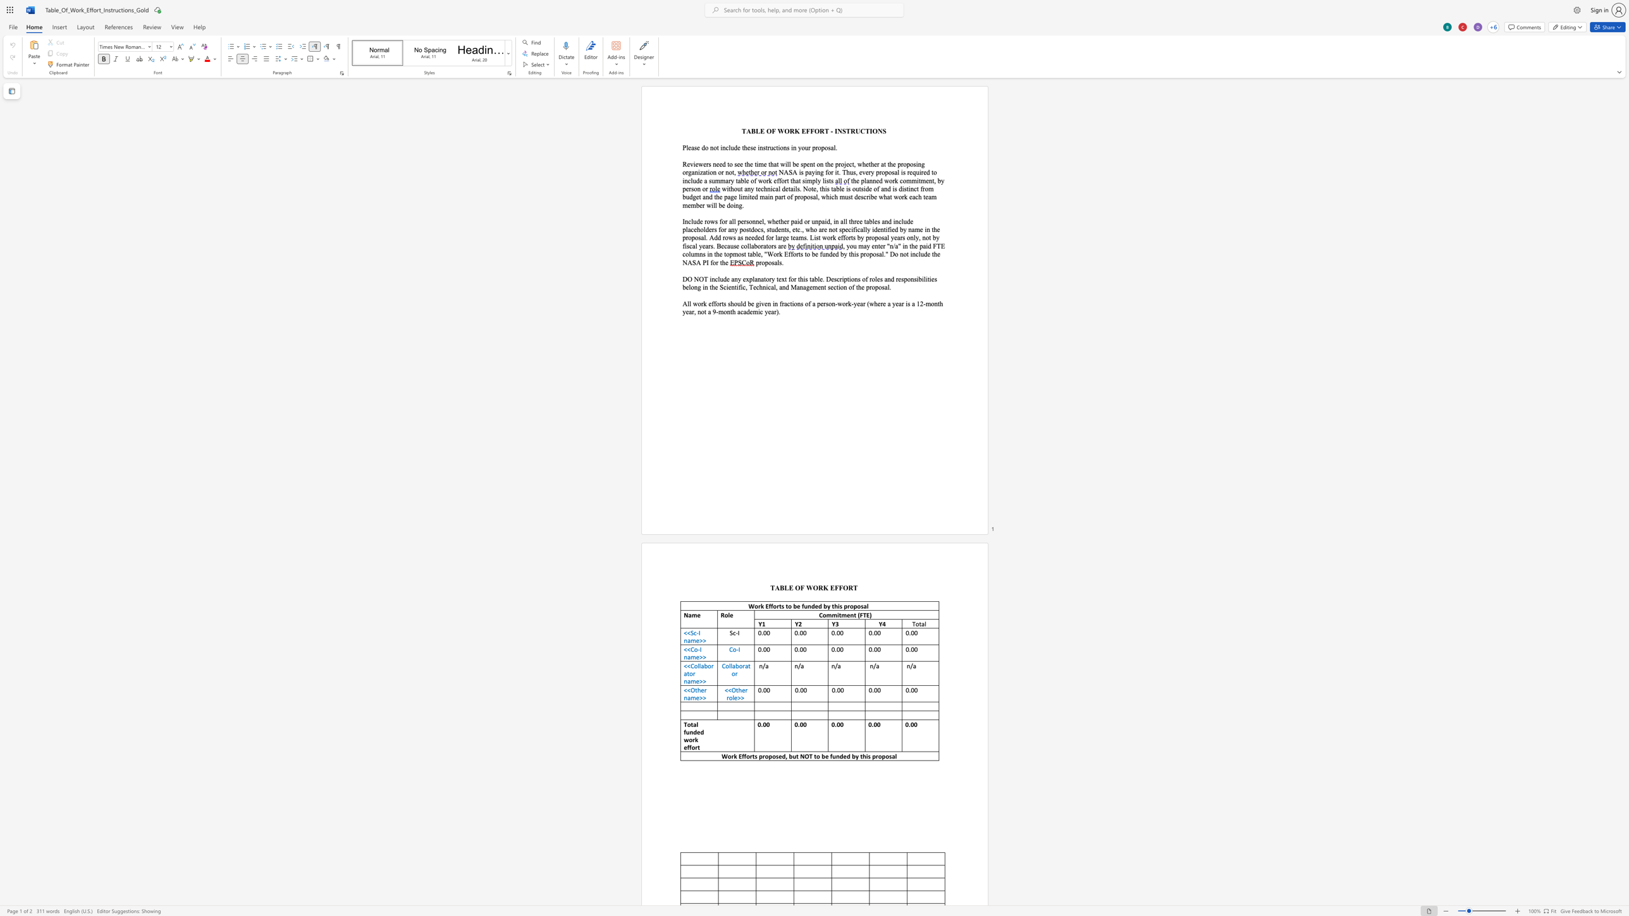 This screenshot has height=916, width=1629. What do you see at coordinates (814, 147) in the screenshot?
I see `the space between the continuous character "p" and "r" in the text` at bounding box center [814, 147].